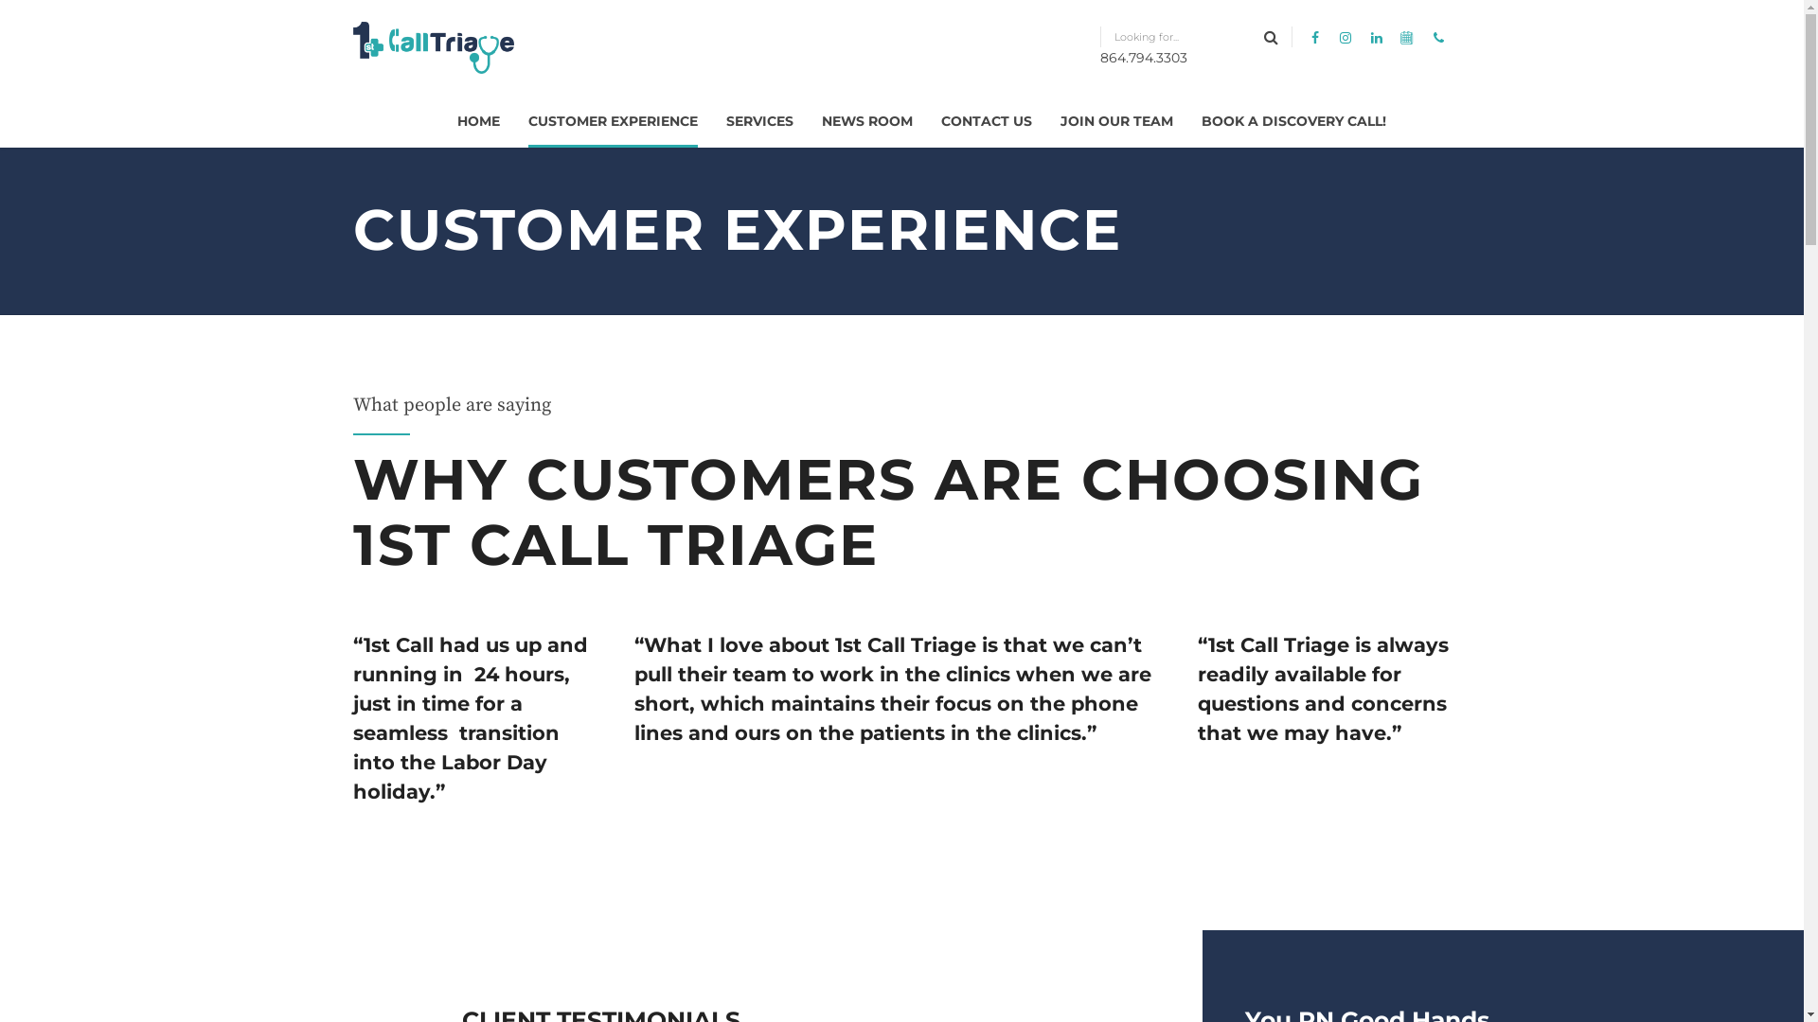  I want to click on 'SERVICES', so click(724, 121).